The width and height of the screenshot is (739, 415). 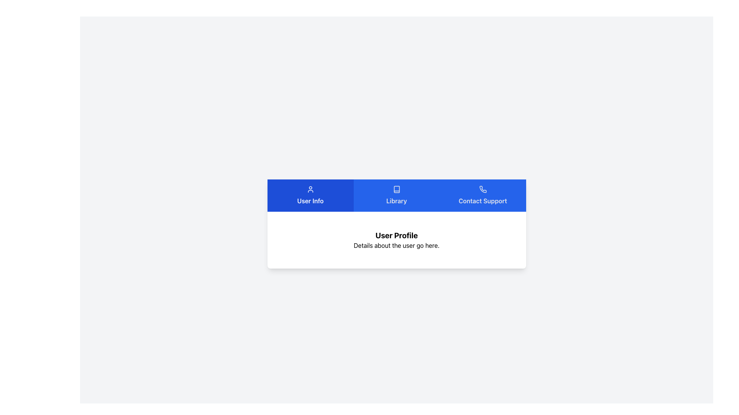 I want to click on the 'Library' button on the blue navigation bar, so click(x=396, y=195).